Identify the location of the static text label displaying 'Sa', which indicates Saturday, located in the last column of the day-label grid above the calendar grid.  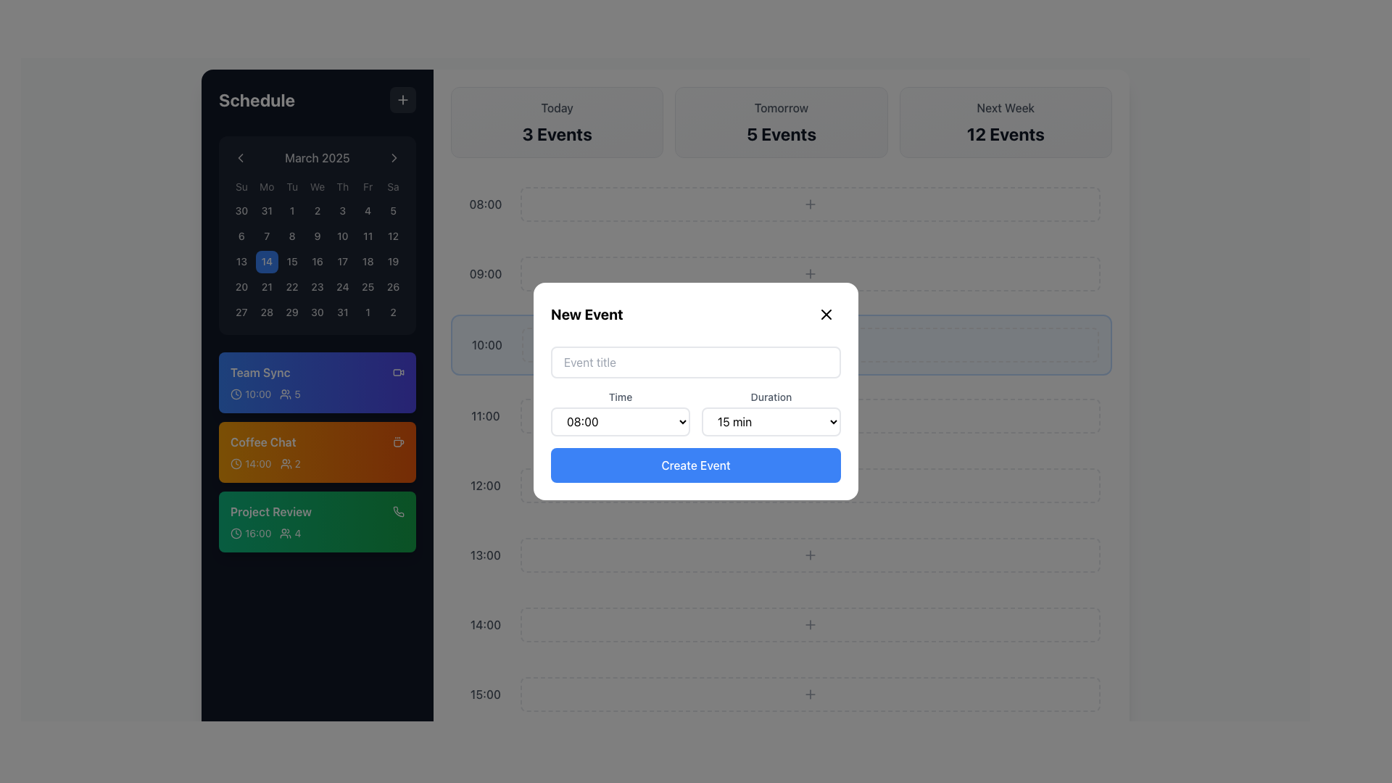
(393, 186).